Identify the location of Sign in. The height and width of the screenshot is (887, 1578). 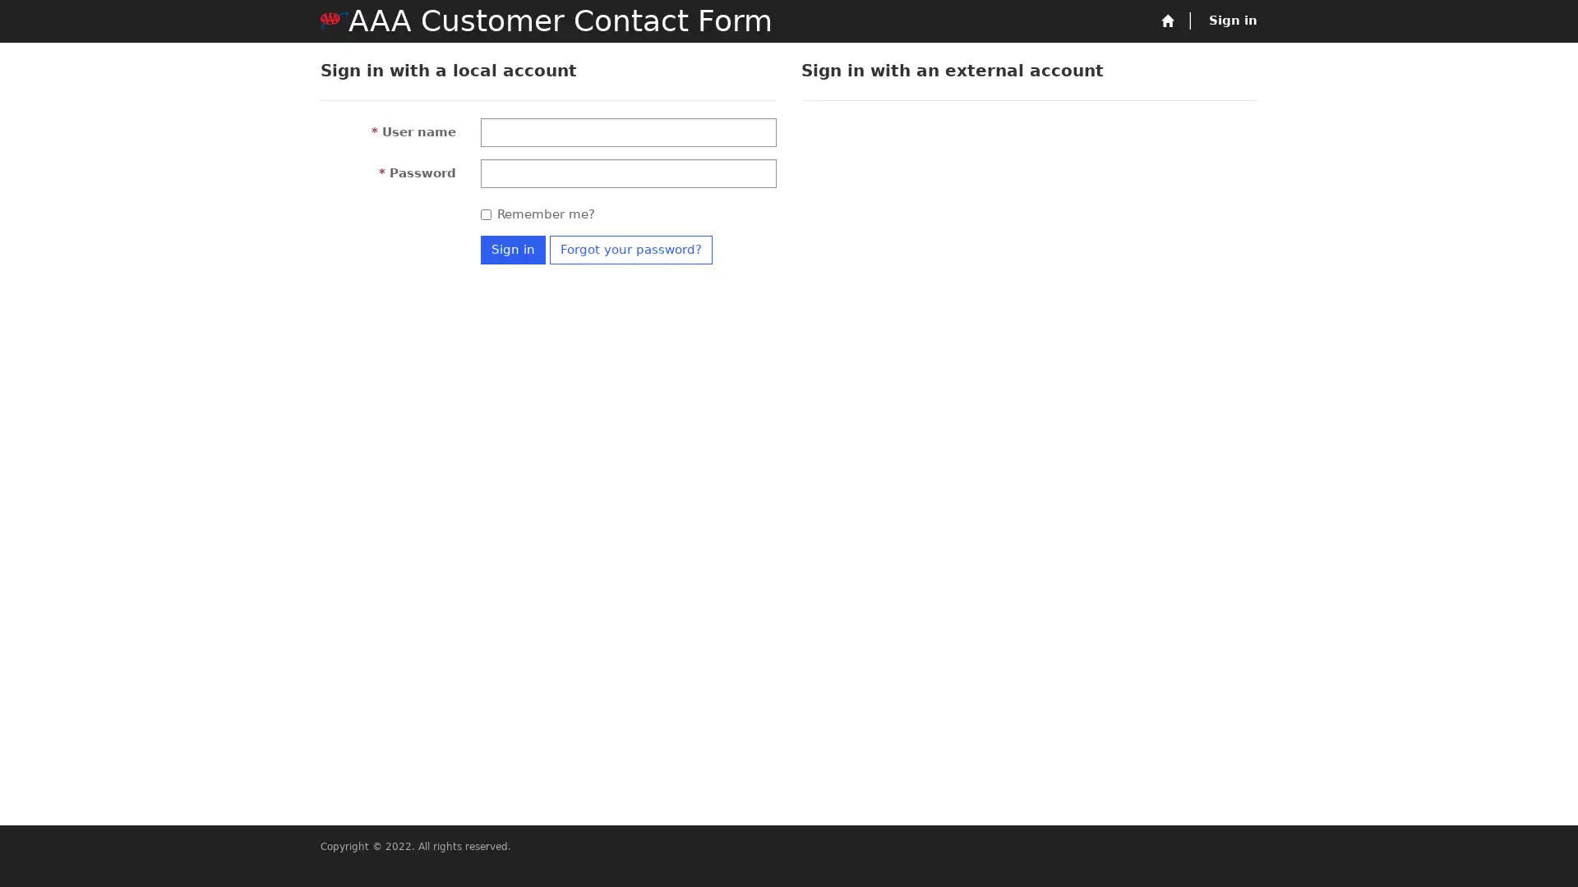
(511, 250).